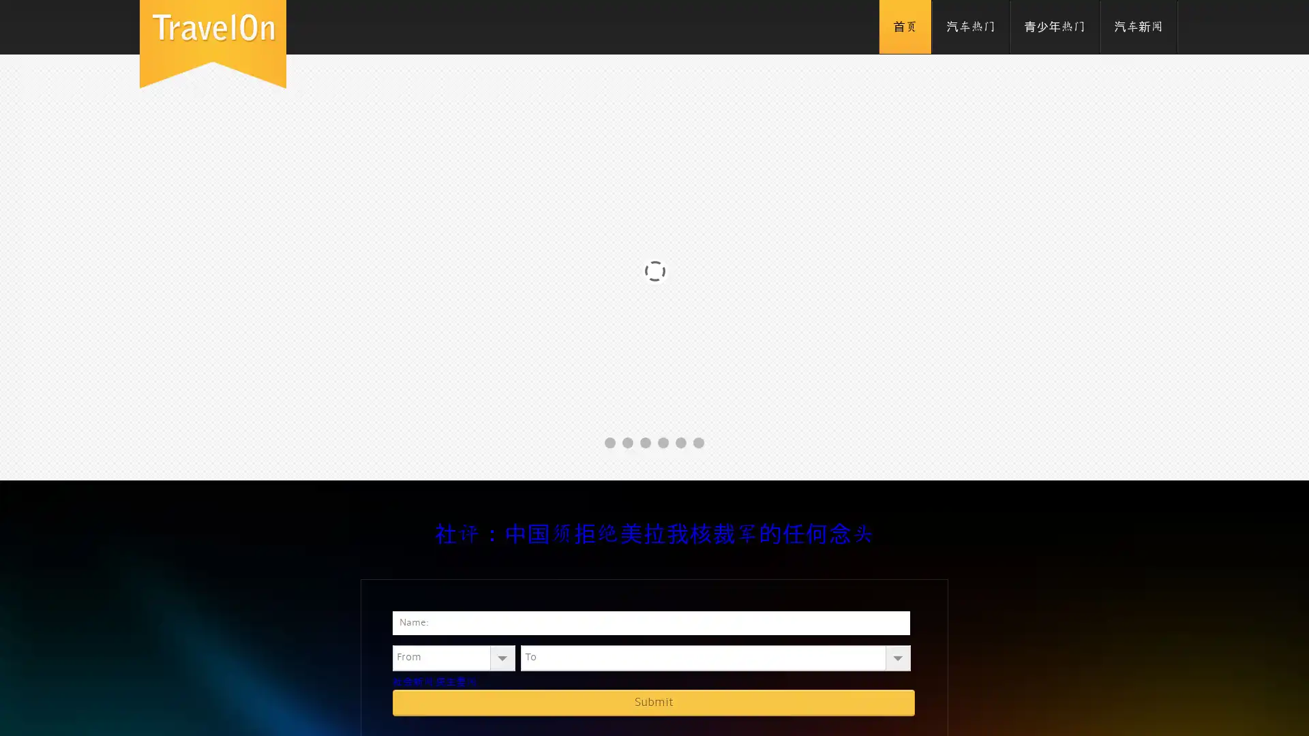 This screenshot has height=736, width=1309. Describe the element at coordinates (653, 702) in the screenshot. I see `submit` at that location.